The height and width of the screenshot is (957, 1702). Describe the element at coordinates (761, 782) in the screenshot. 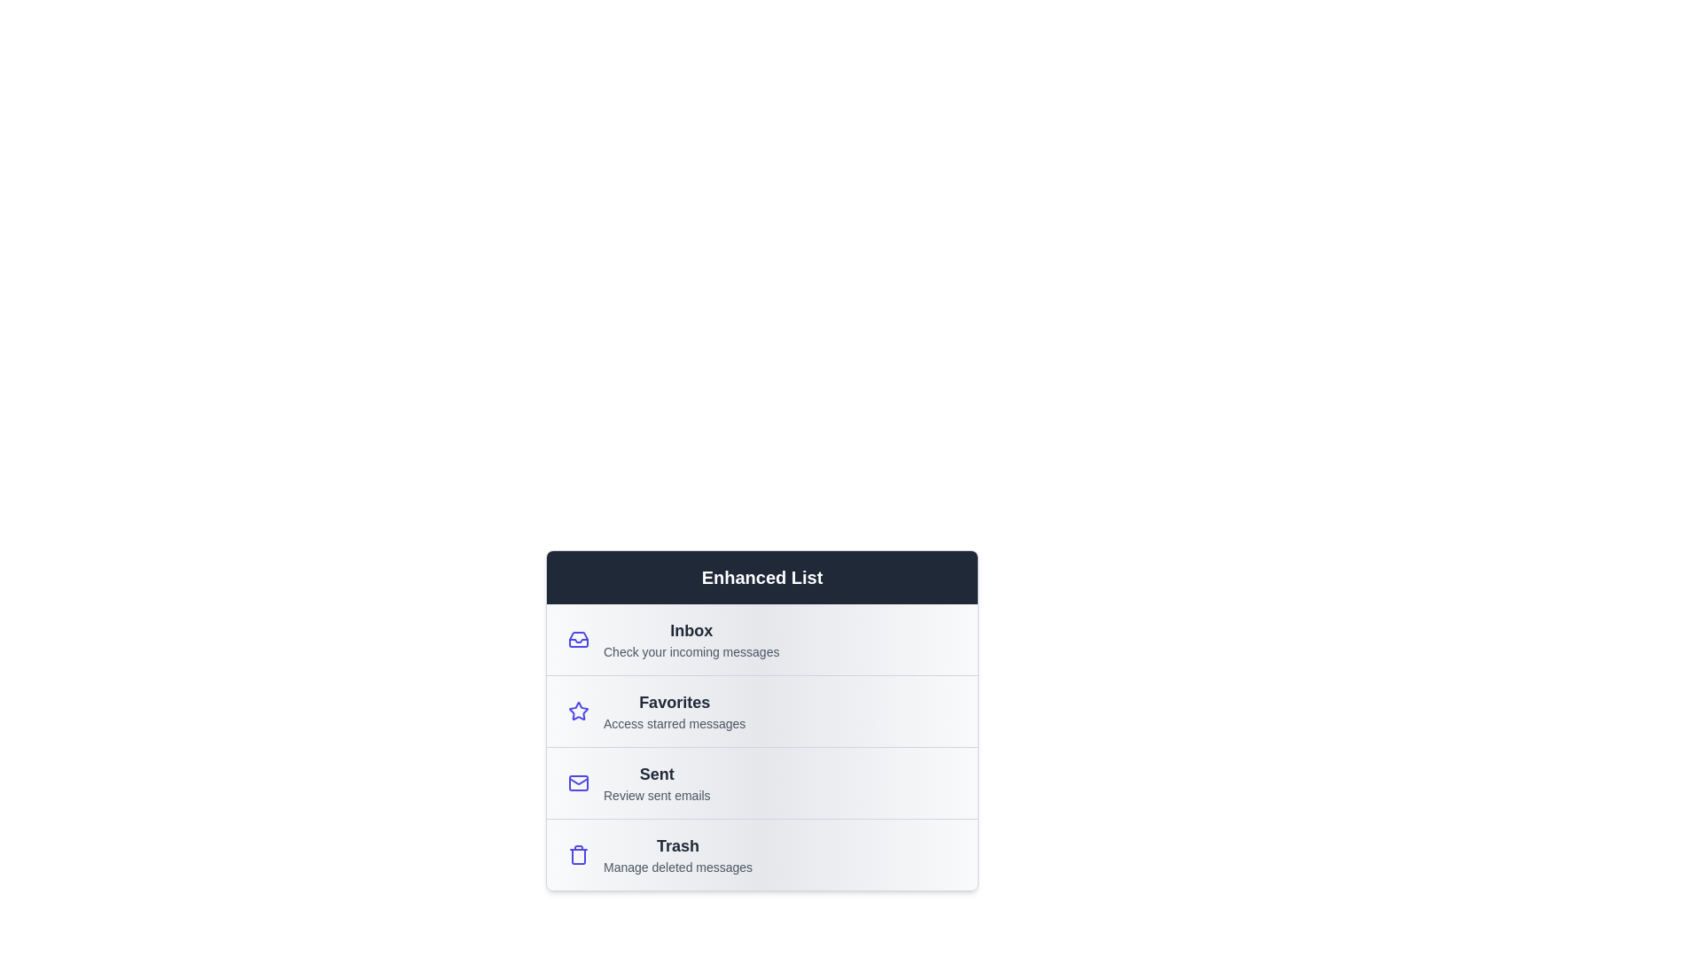

I see `the third item in the 'Enhanced List' which reads 'Sent'` at that location.